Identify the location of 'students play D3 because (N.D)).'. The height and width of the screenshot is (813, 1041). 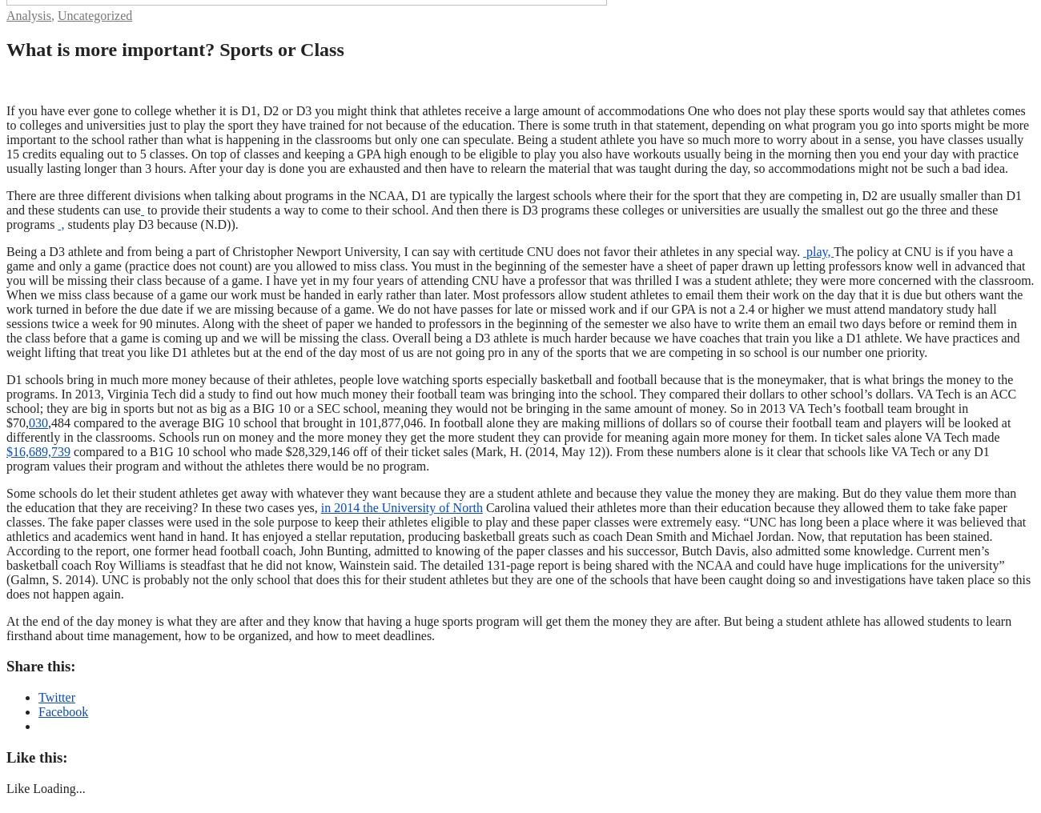
(151, 222).